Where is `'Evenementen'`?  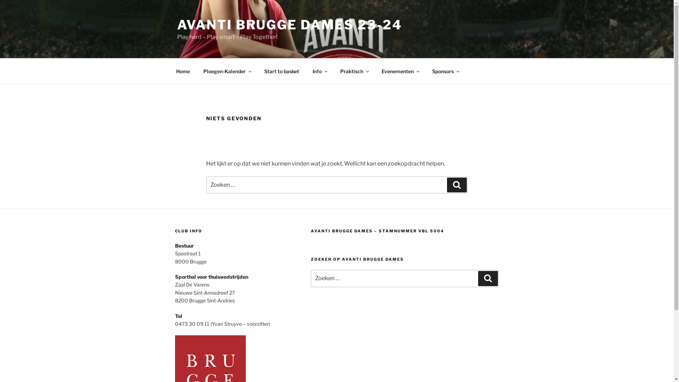 'Evenementen' is located at coordinates (400, 71).